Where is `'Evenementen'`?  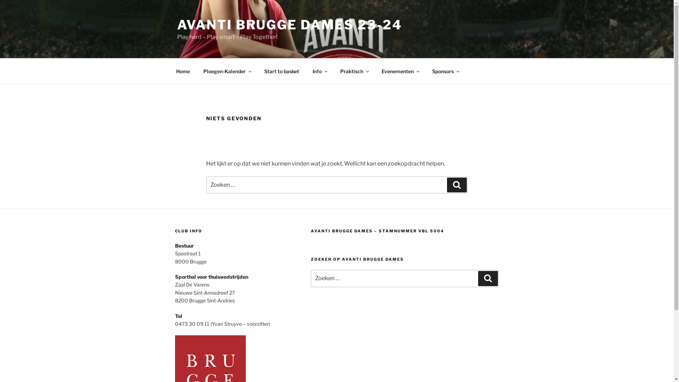 'Evenementen' is located at coordinates (400, 71).